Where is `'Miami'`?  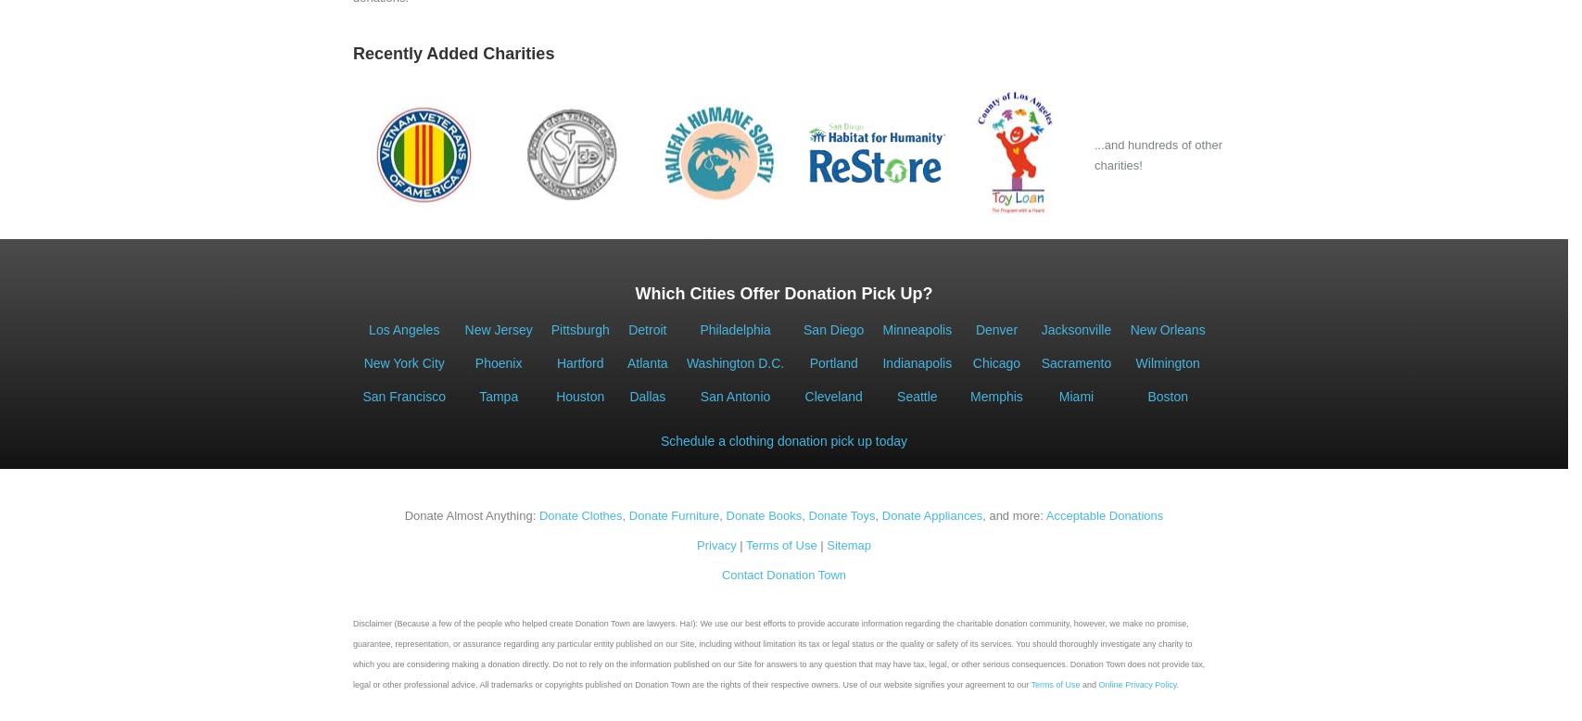 'Miami' is located at coordinates (1074, 396).